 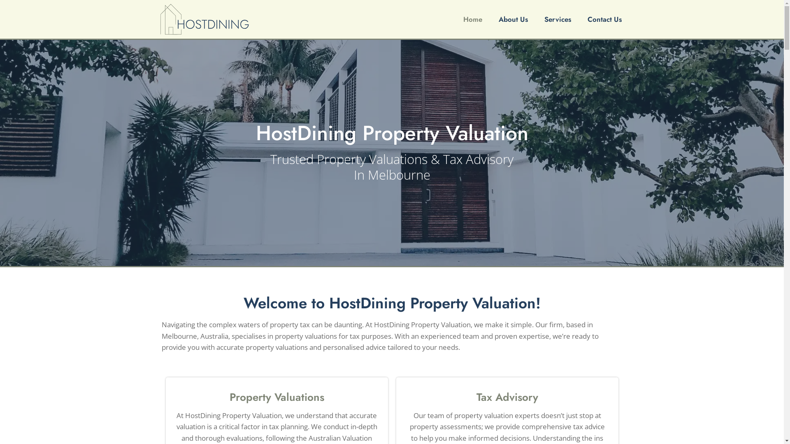 What do you see at coordinates (459, 18) in the screenshot?
I see `'Home'` at bounding box center [459, 18].